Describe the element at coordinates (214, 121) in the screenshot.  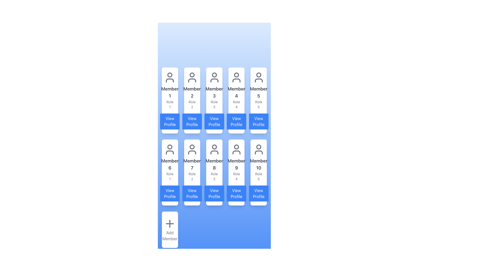
I see `the 'View Profile' button with a blue background and white text, located at the bottom of the 'Member 3 Role 3' card, to observe hover effects` at that location.